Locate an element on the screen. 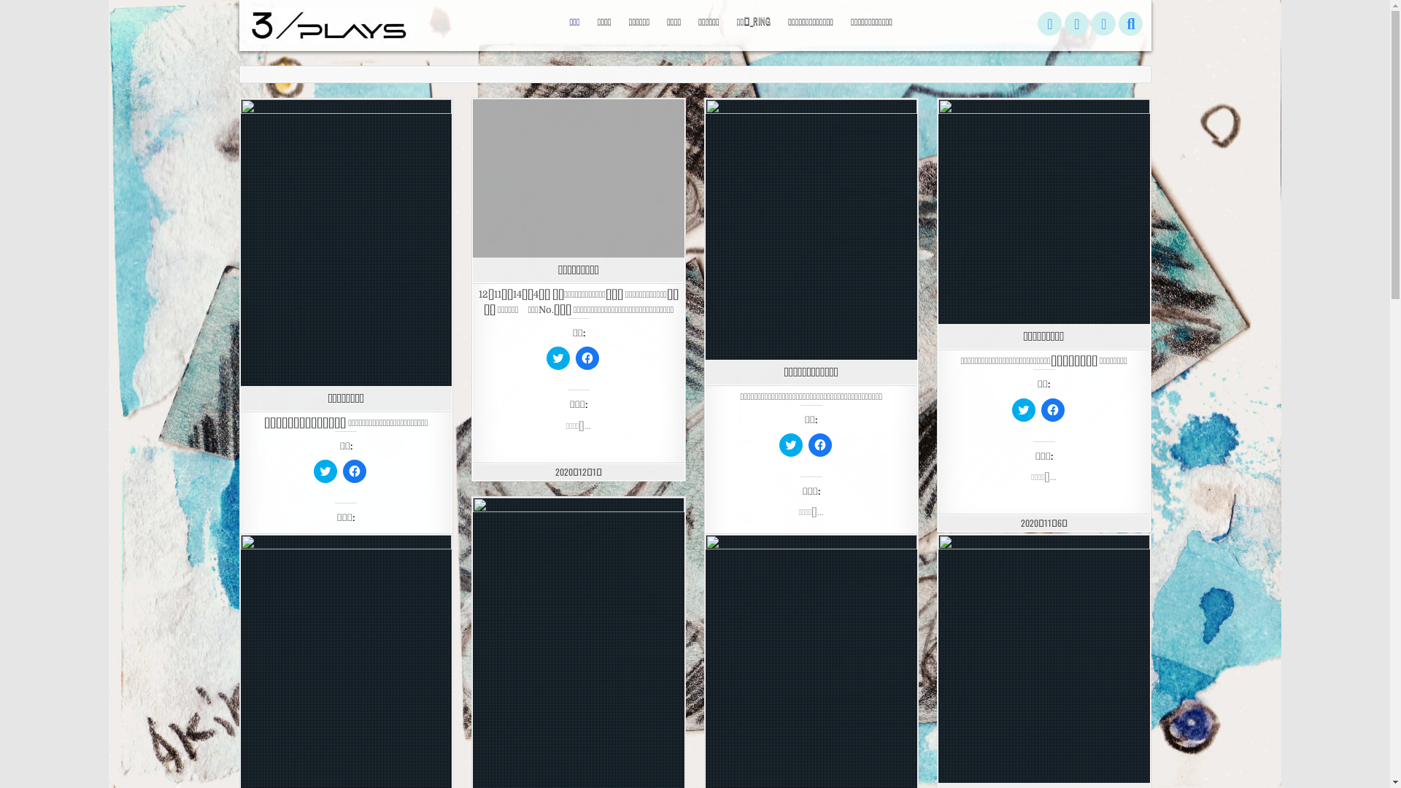 Image resolution: width=1401 pixels, height=788 pixels. 'Facebook' is located at coordinates (1074, 24).